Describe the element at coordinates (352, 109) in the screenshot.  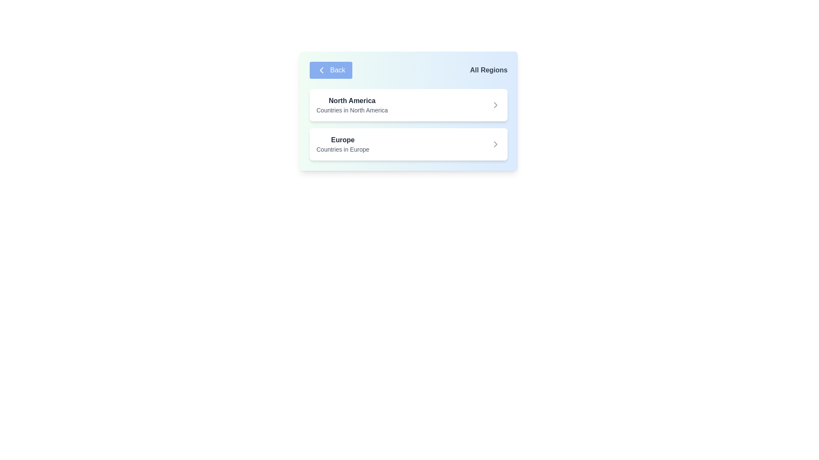
I see `the text label providing a description for the 'North America' item in the list, located below the 'North America' title` at that location.